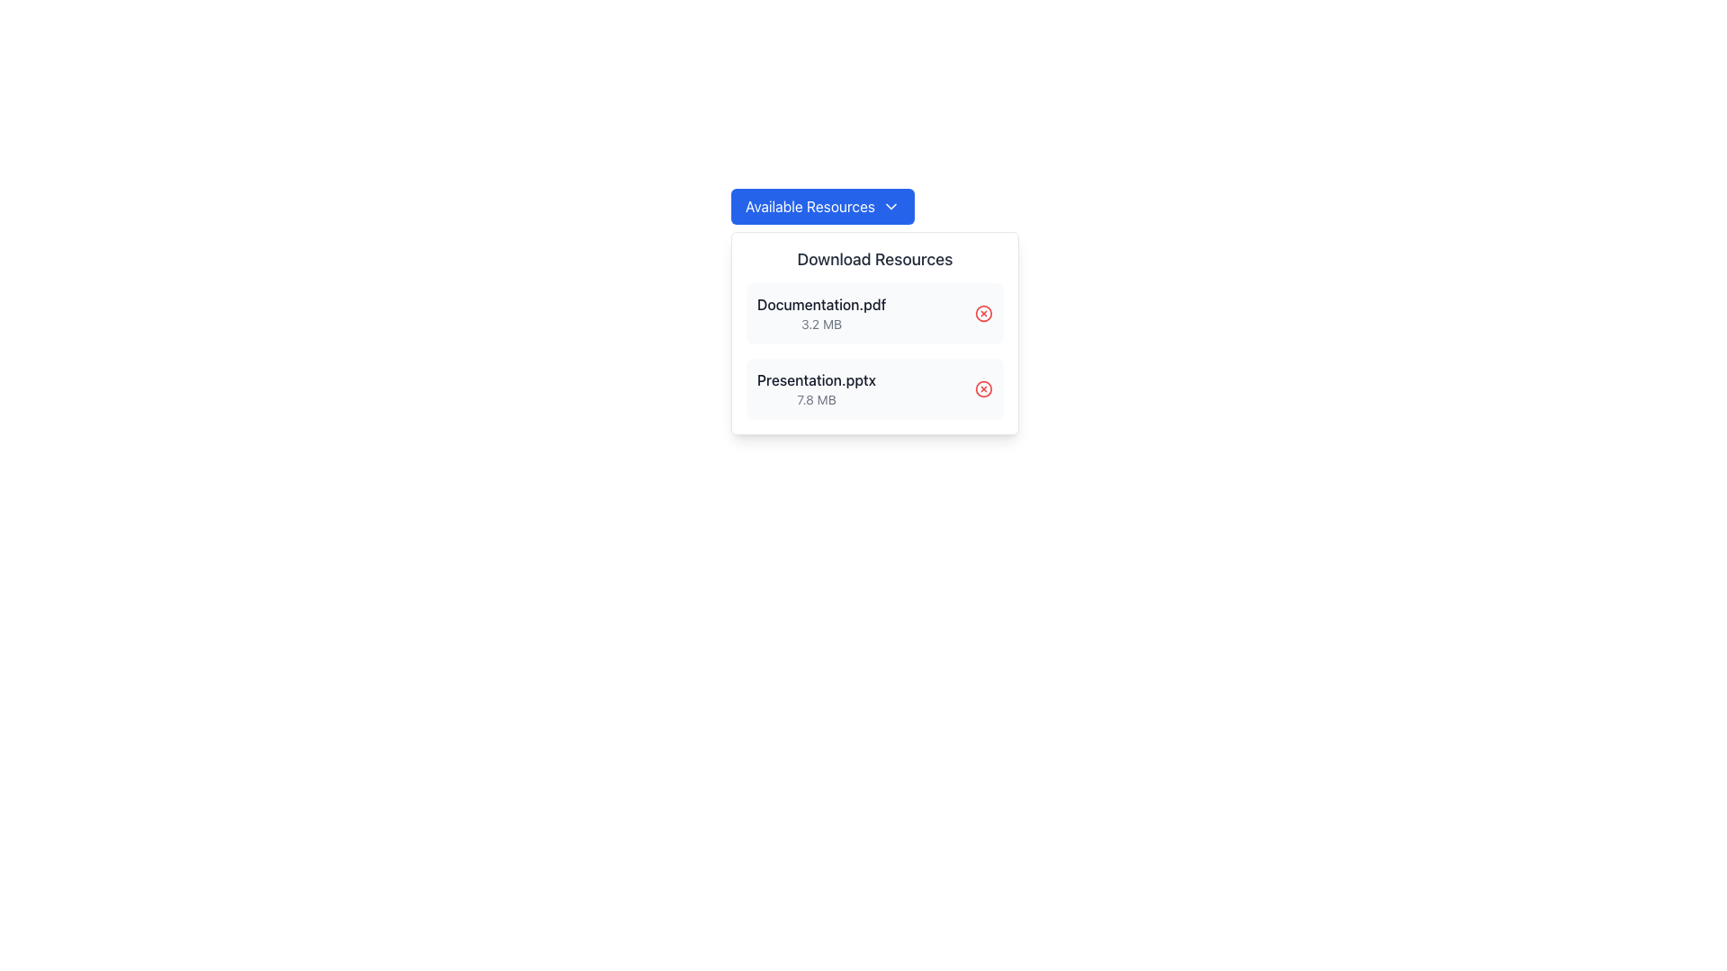 This screenshot has height=971, width=1727. Describe the element at coordinates (820, 325) in the screenshot. I see `the label that indicates the file size of 'Documentation.pdf' in the bottom-right section of the modal containing downloadable resources` at that location.